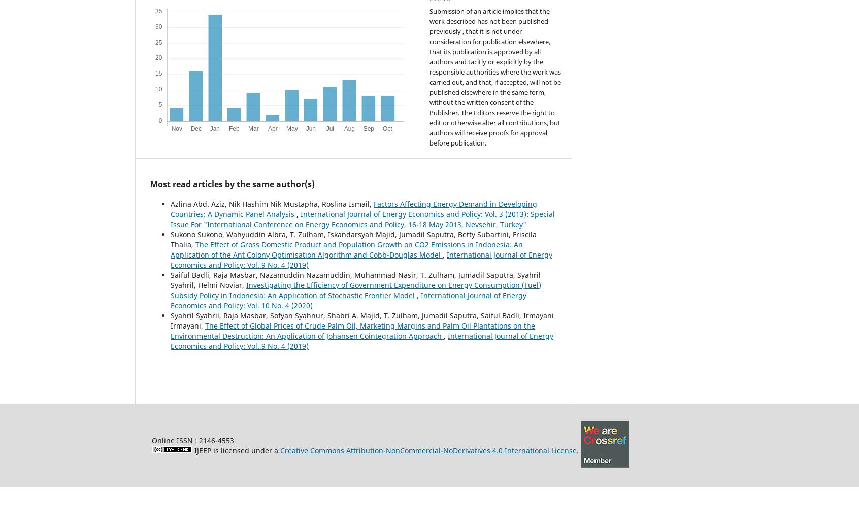  I want to click on 'Investigating the Efficiency of Government Expenditure on Energy Consumption (Fuel) Subsidy Policy in Indonesia: An Application of Stochastic Frontier Model', so click(355, 289).